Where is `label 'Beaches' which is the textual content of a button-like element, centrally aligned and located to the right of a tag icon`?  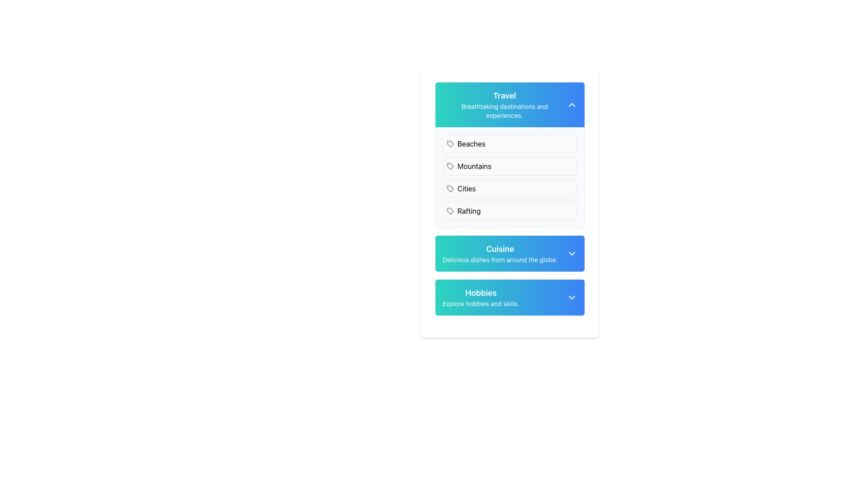
label 'Beaches' which is the textual content of a button-like element, centrally aligned and located to the right of a tag icon is located at coordinates (471, 143).